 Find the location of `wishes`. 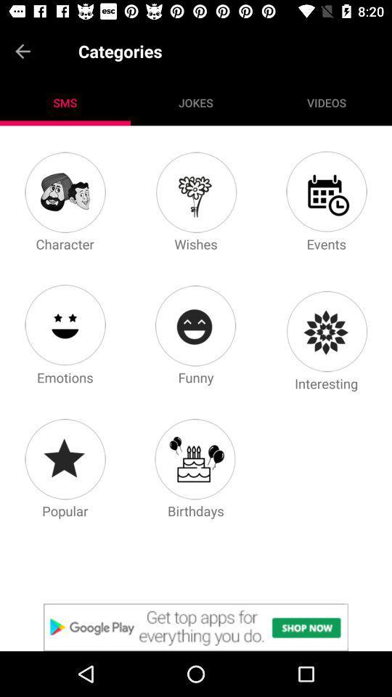

wishes is located at coordinates (195, 191).